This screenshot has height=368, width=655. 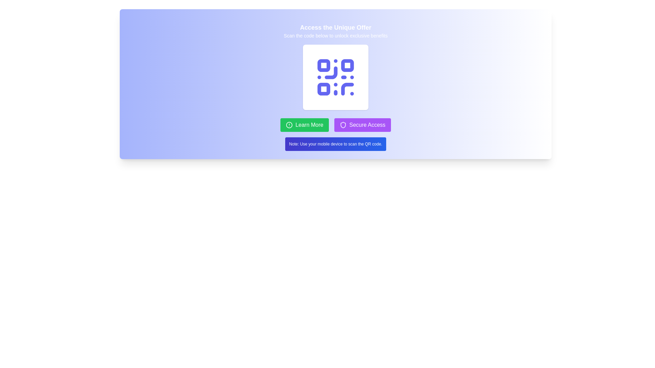 What do you see at coordinates (323, 65) in the screenshot?
I see `the top-left square block of the QR code, which is a small square shape with slightly rounded corners and filled with a solid color` at bounding box center [323, 65].